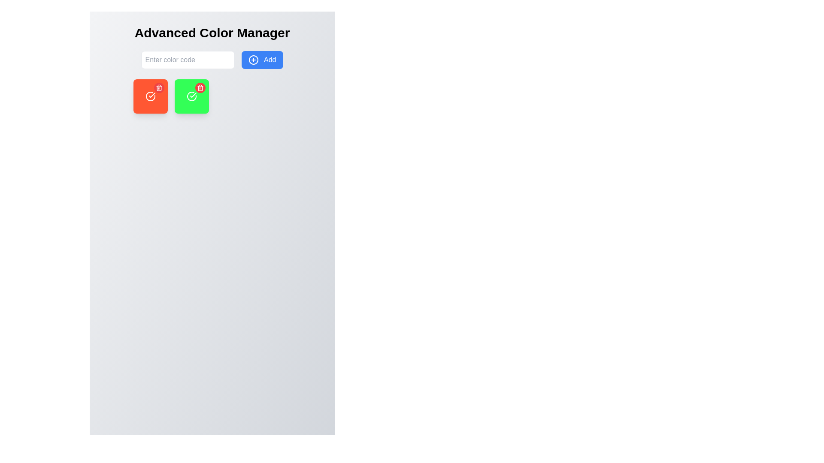 The width and height of the screenshot is (824, 463). I want to click on the circular icon within the blue 'Add' button located at the upper area of the interface, adjacent to a text input field, so click(253, 60).